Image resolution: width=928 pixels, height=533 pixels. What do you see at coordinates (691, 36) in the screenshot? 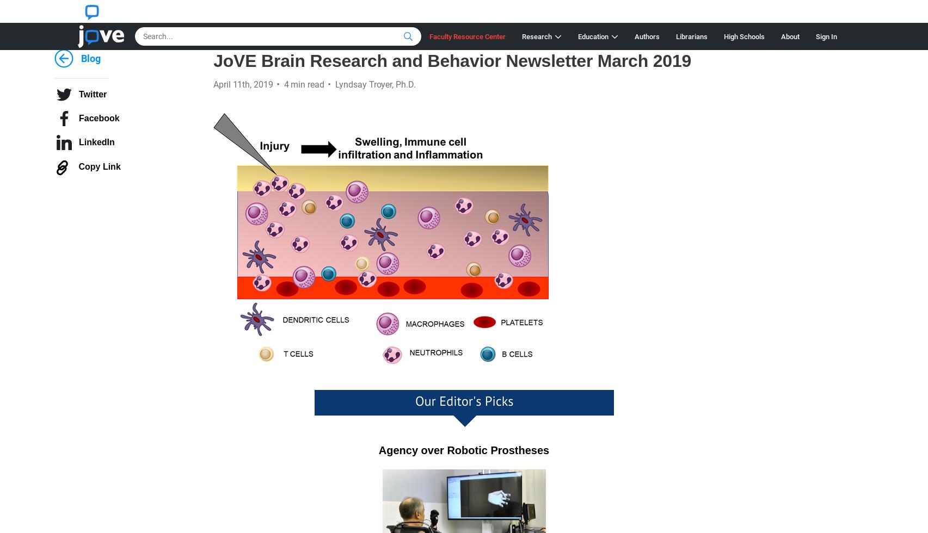
I see `'Librarians'` at bounding box center [691, 36].